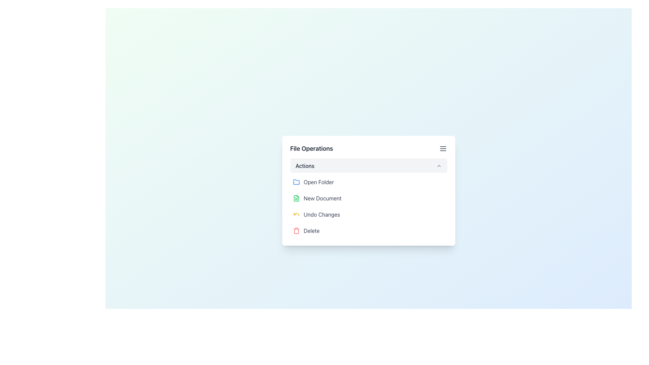  What do you see at coordinates (296, 181) in the screenshot?
I see `the blue folder icon located to the left of the 'Open Folder' text in the menu item to interact with the folder function` at bounding box center [296, 181].